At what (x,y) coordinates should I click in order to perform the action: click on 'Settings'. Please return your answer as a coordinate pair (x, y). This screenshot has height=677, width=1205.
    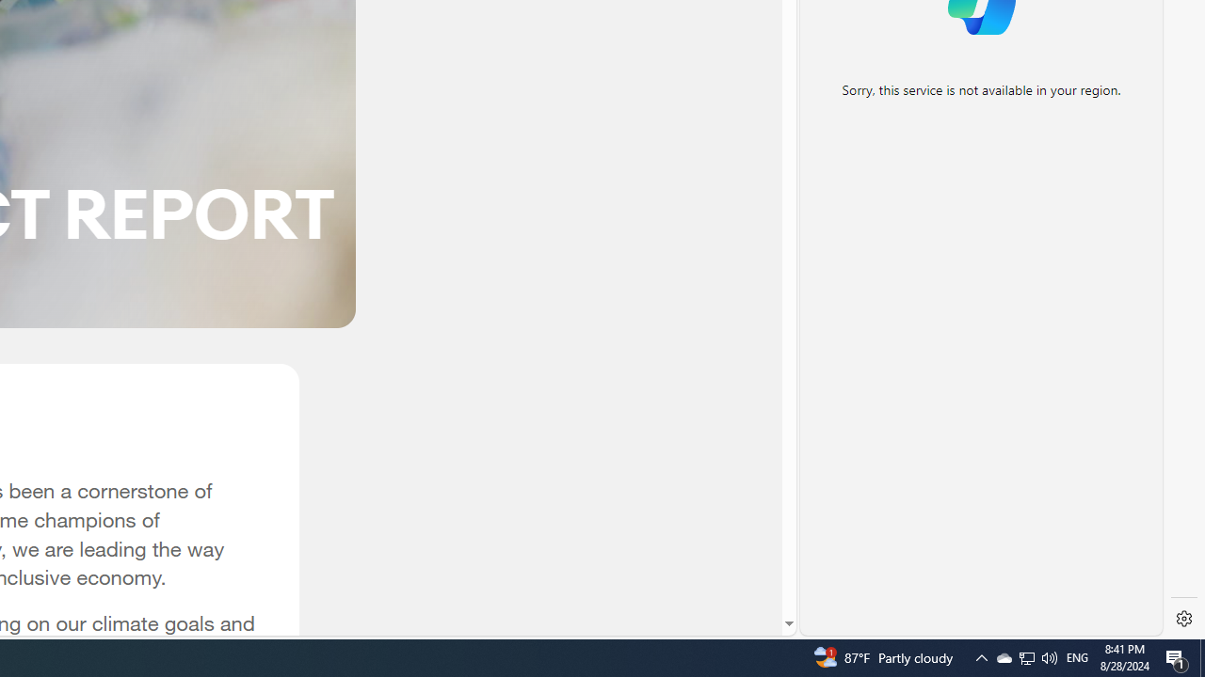
    Looking at the image, I should click on (1183, 619).